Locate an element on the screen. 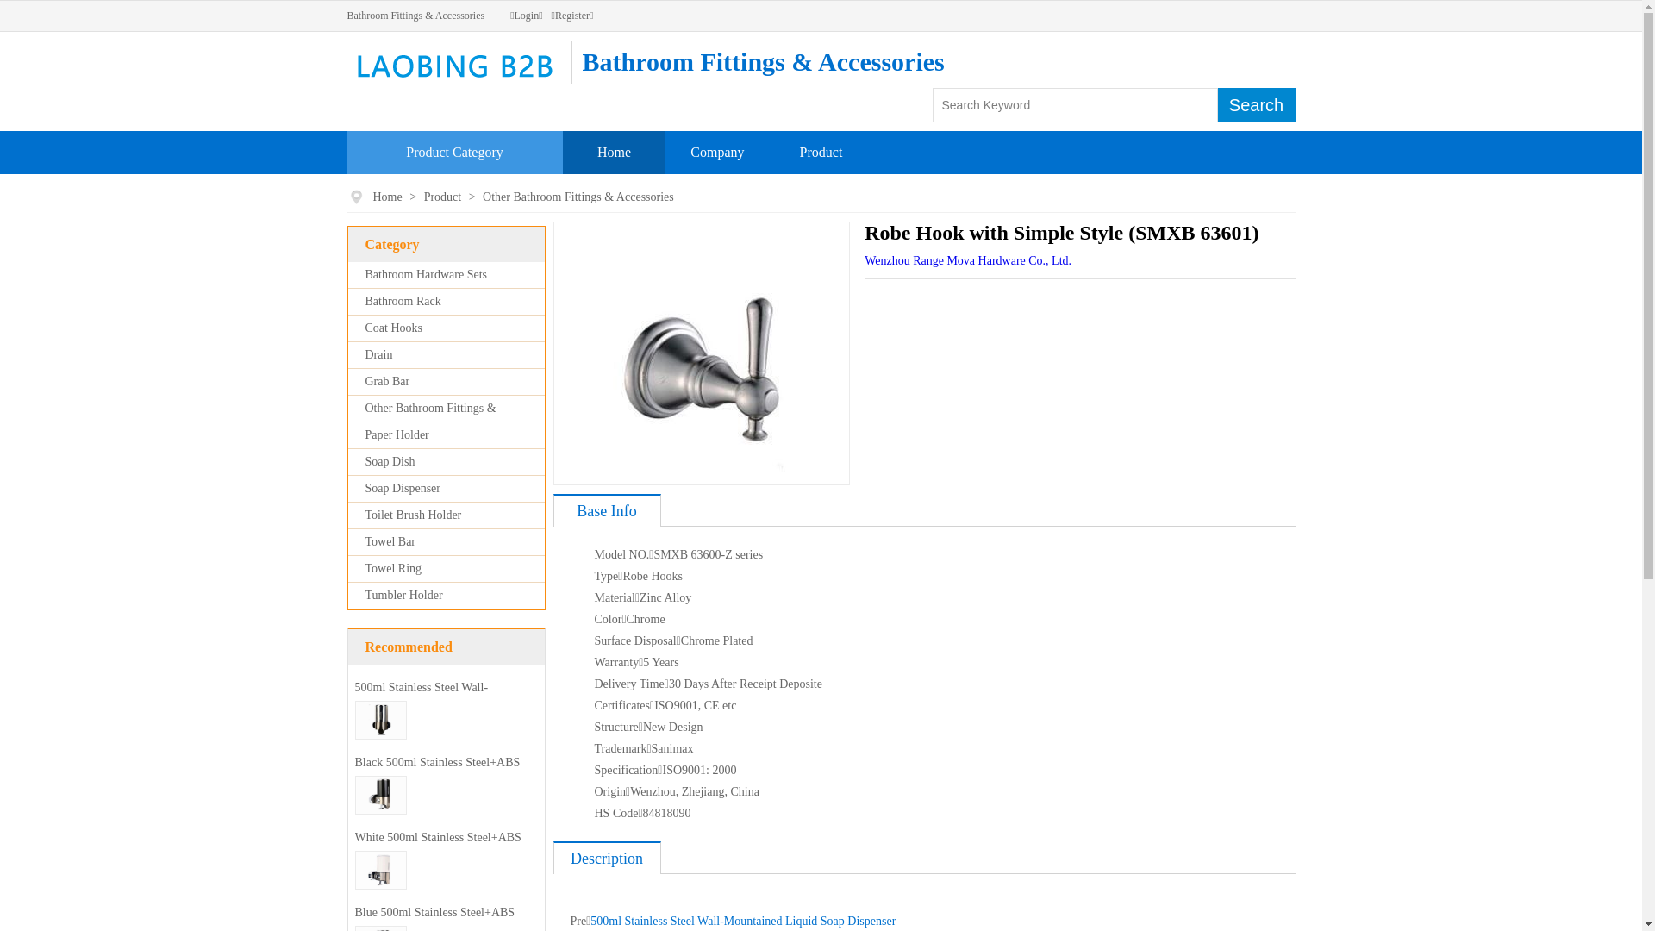  'Home' is located at coordinates (387, 196).